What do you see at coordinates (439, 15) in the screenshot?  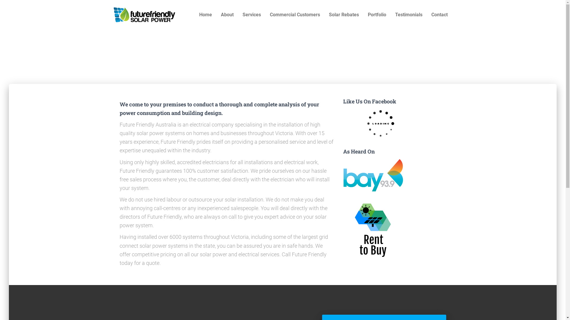 I see `'Contact'` at bounding box center [439, 15].